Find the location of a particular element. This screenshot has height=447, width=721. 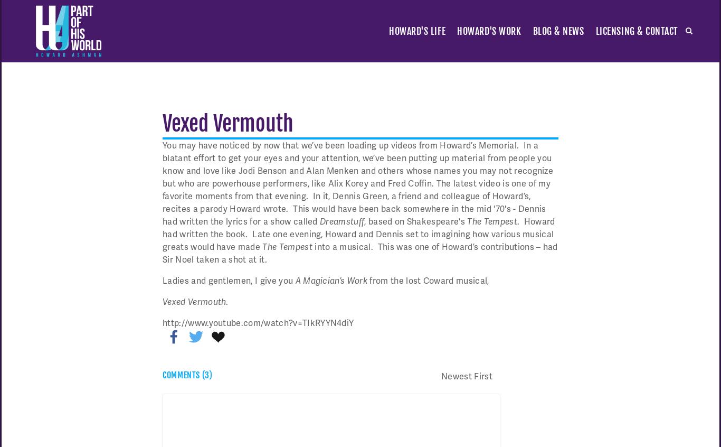

'Comments (3)' is located at coordinates (187, 374).